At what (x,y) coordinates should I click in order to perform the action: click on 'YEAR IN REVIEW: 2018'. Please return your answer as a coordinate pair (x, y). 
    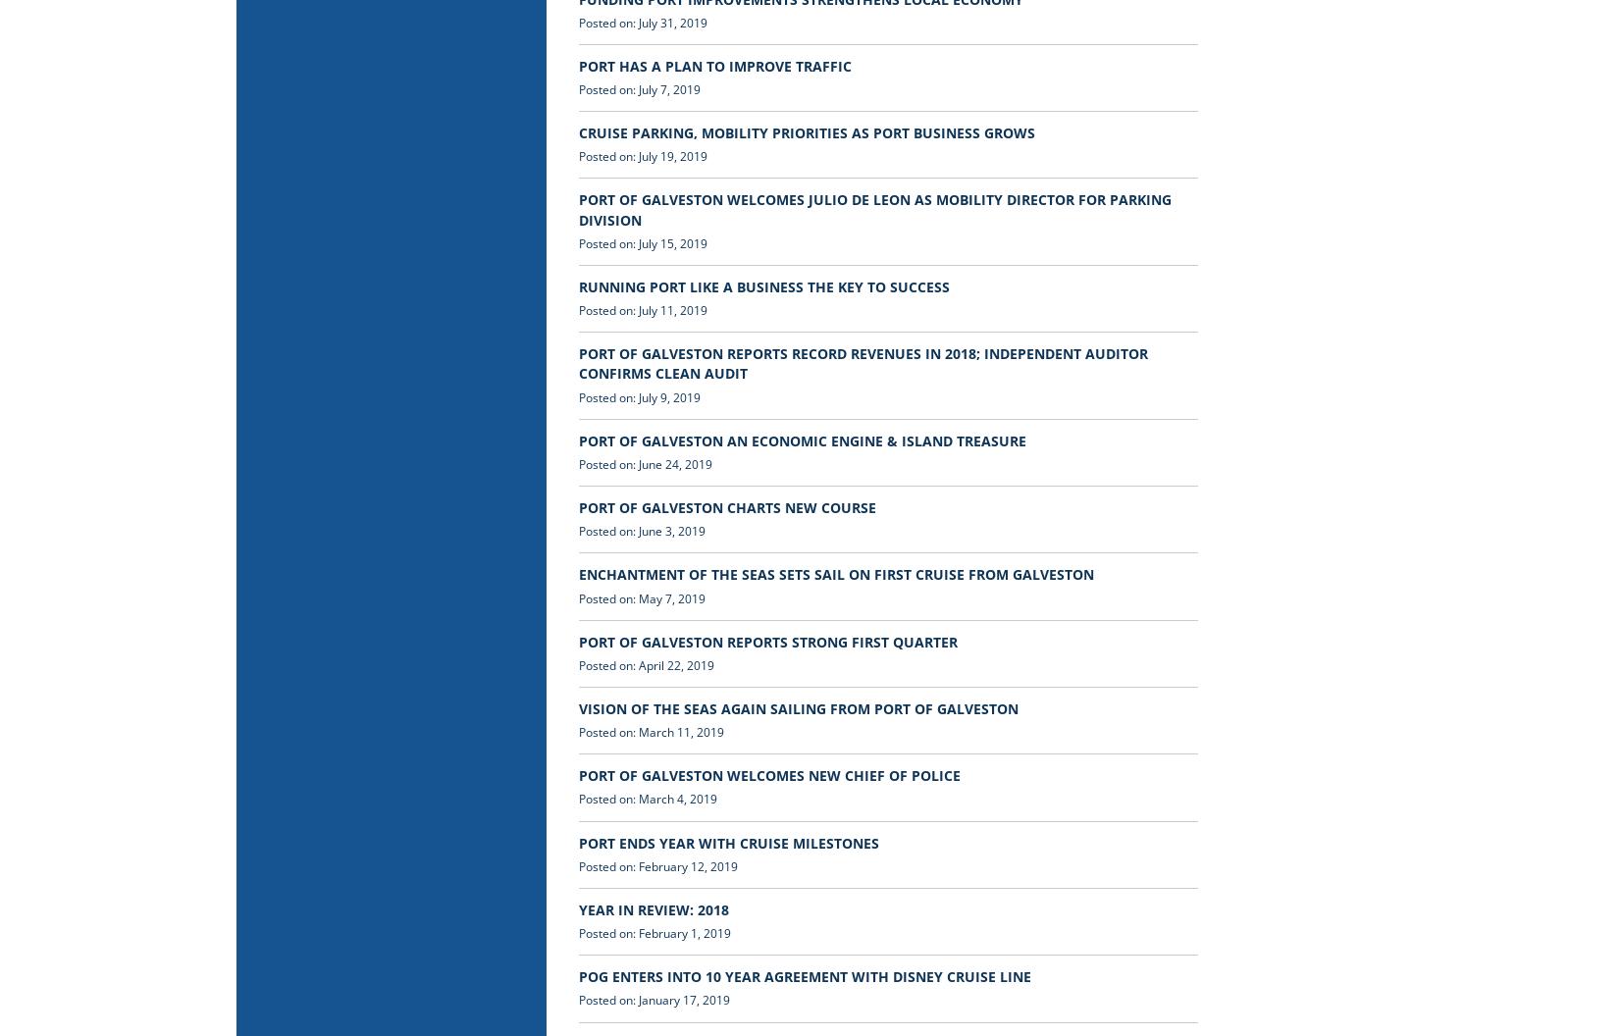
    Looking at the image, I should click on (653, 908).